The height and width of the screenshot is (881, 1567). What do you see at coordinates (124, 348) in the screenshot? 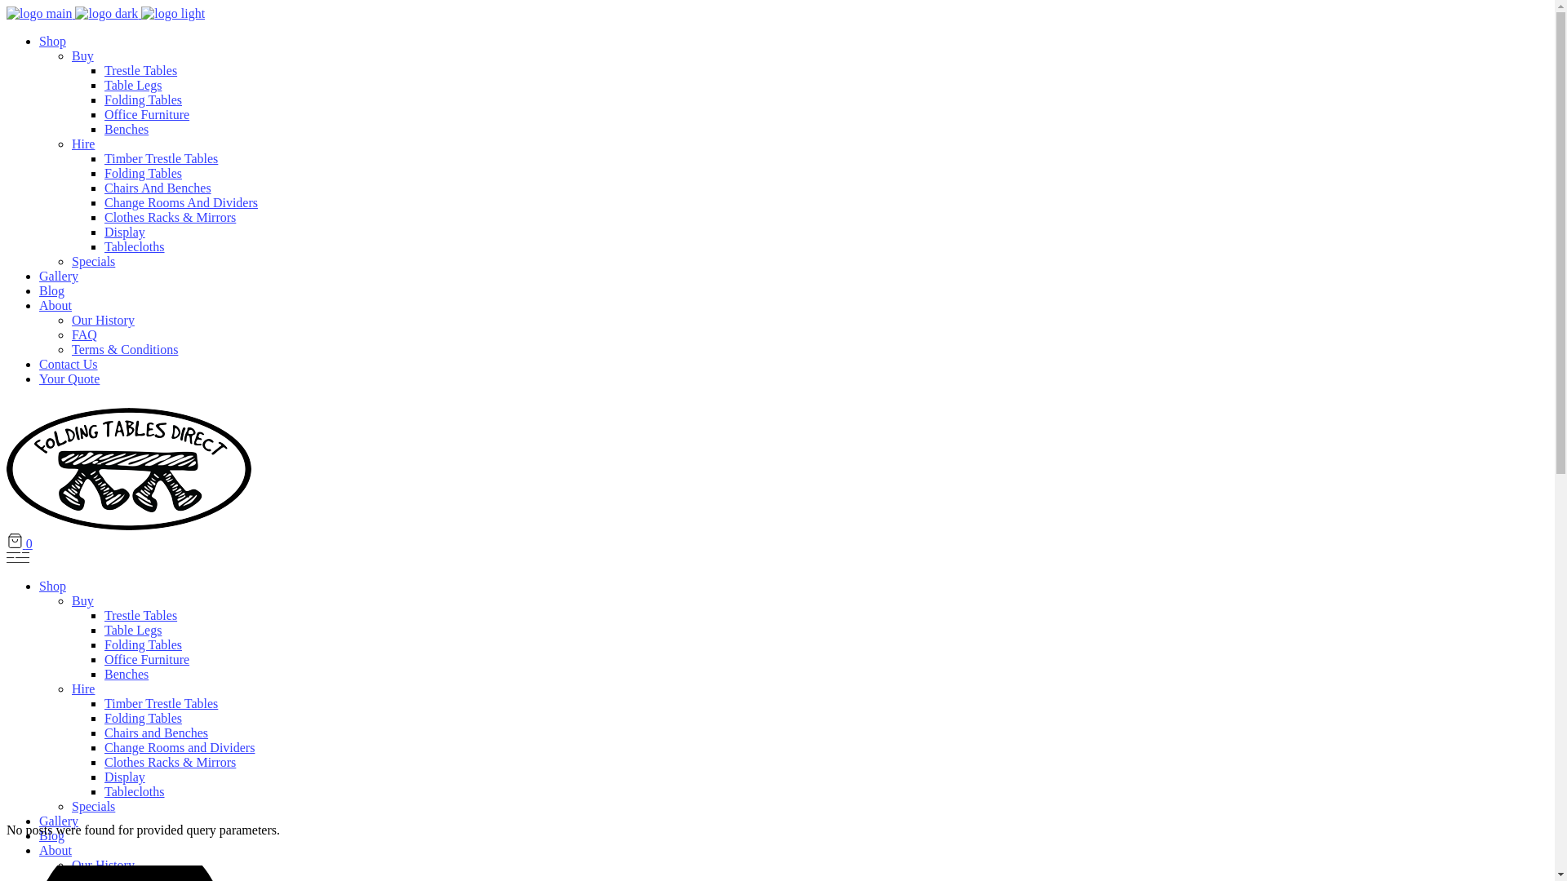
I see `'Terms & Conditions'` at bounding box center [124, 348].